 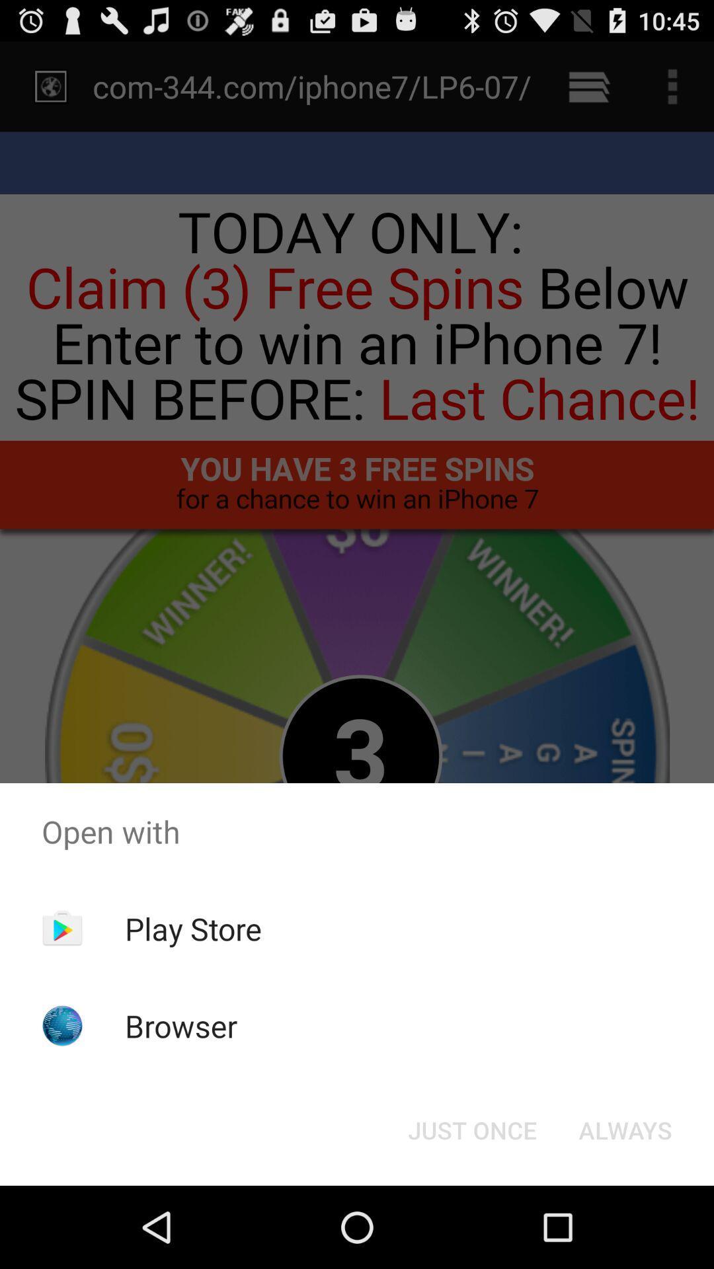 What do you see at coordinates (625, 1129) in the screenshot?
I see `the item to the right of the just once item` at bounding box center [625, 1129].